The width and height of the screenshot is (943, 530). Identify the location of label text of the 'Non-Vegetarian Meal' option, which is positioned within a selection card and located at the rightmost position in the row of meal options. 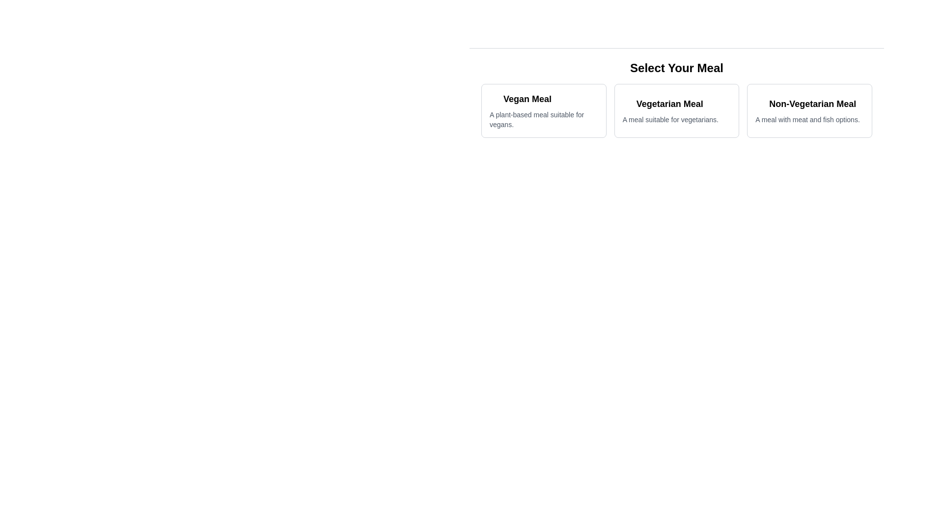
(812, 104).